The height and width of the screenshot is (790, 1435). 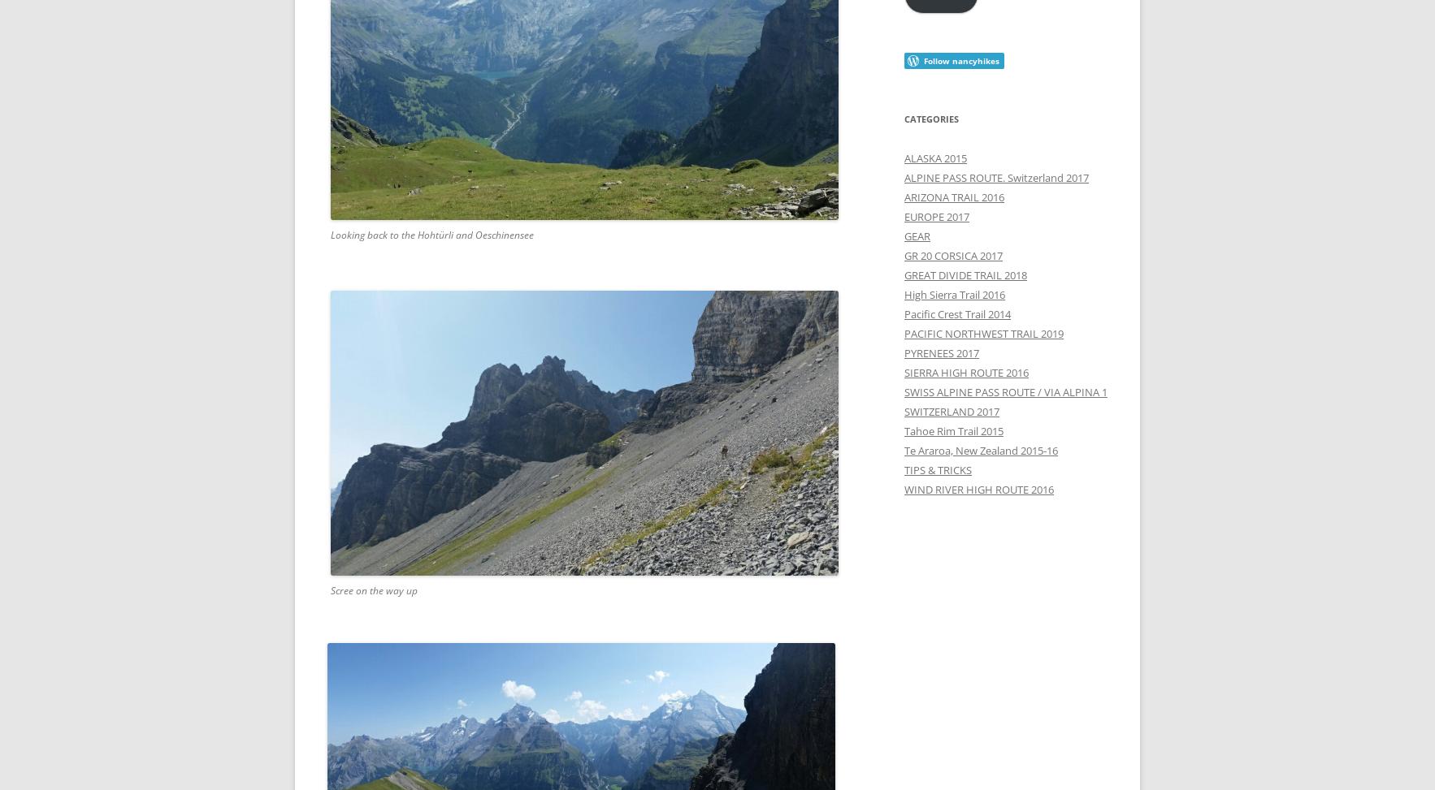 I want to click on 'ARIZONA TRAIL 2016', so click(x=953, y=195).